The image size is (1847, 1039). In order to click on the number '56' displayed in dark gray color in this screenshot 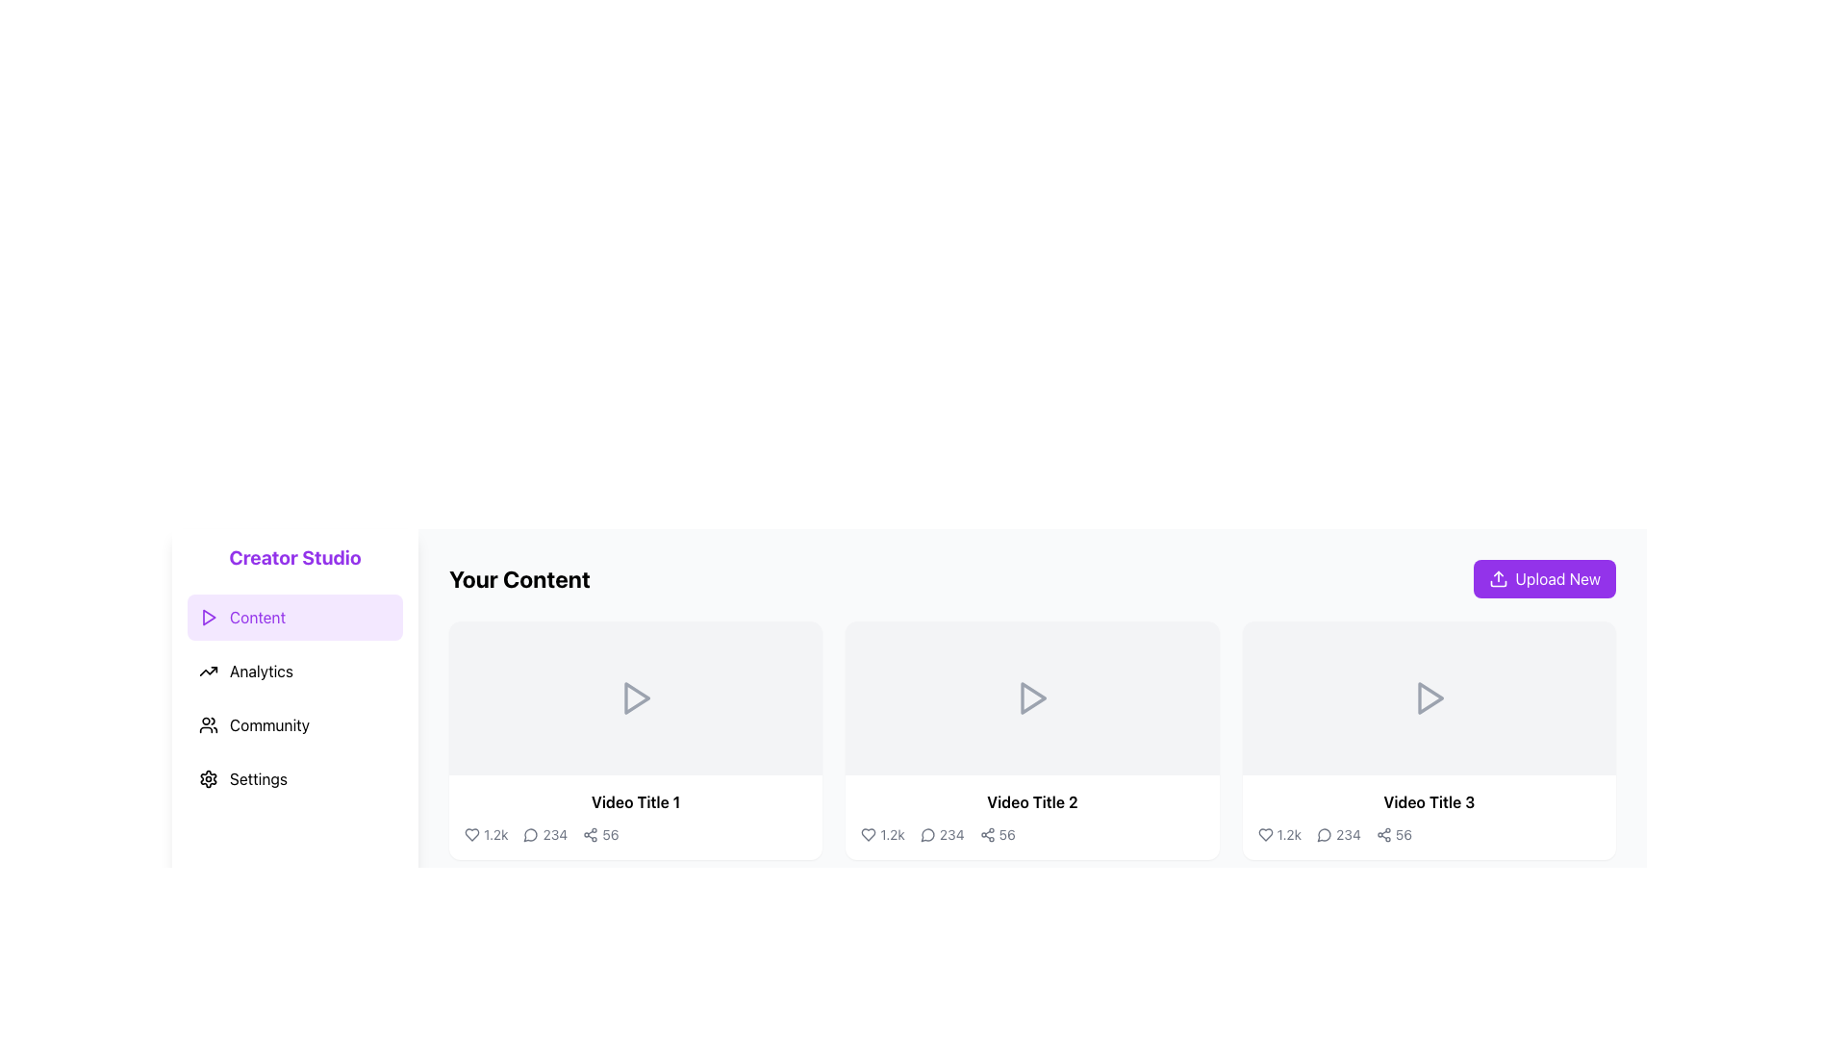, I will do `click(609, 833)`.